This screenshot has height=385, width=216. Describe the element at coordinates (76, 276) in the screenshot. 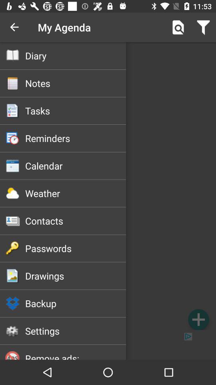

I see `the drawings item` at that location.